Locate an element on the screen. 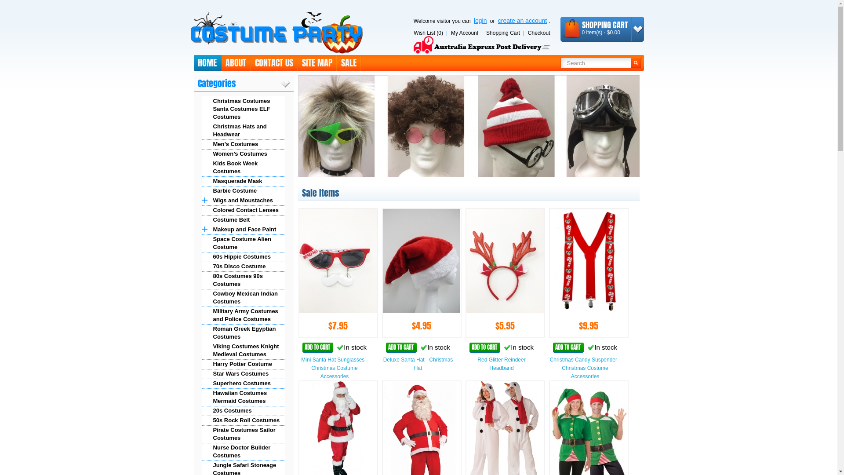 This screenshot has height=475, width=844. 'Harry Potter Costume' is located at coordinates (202, 364).